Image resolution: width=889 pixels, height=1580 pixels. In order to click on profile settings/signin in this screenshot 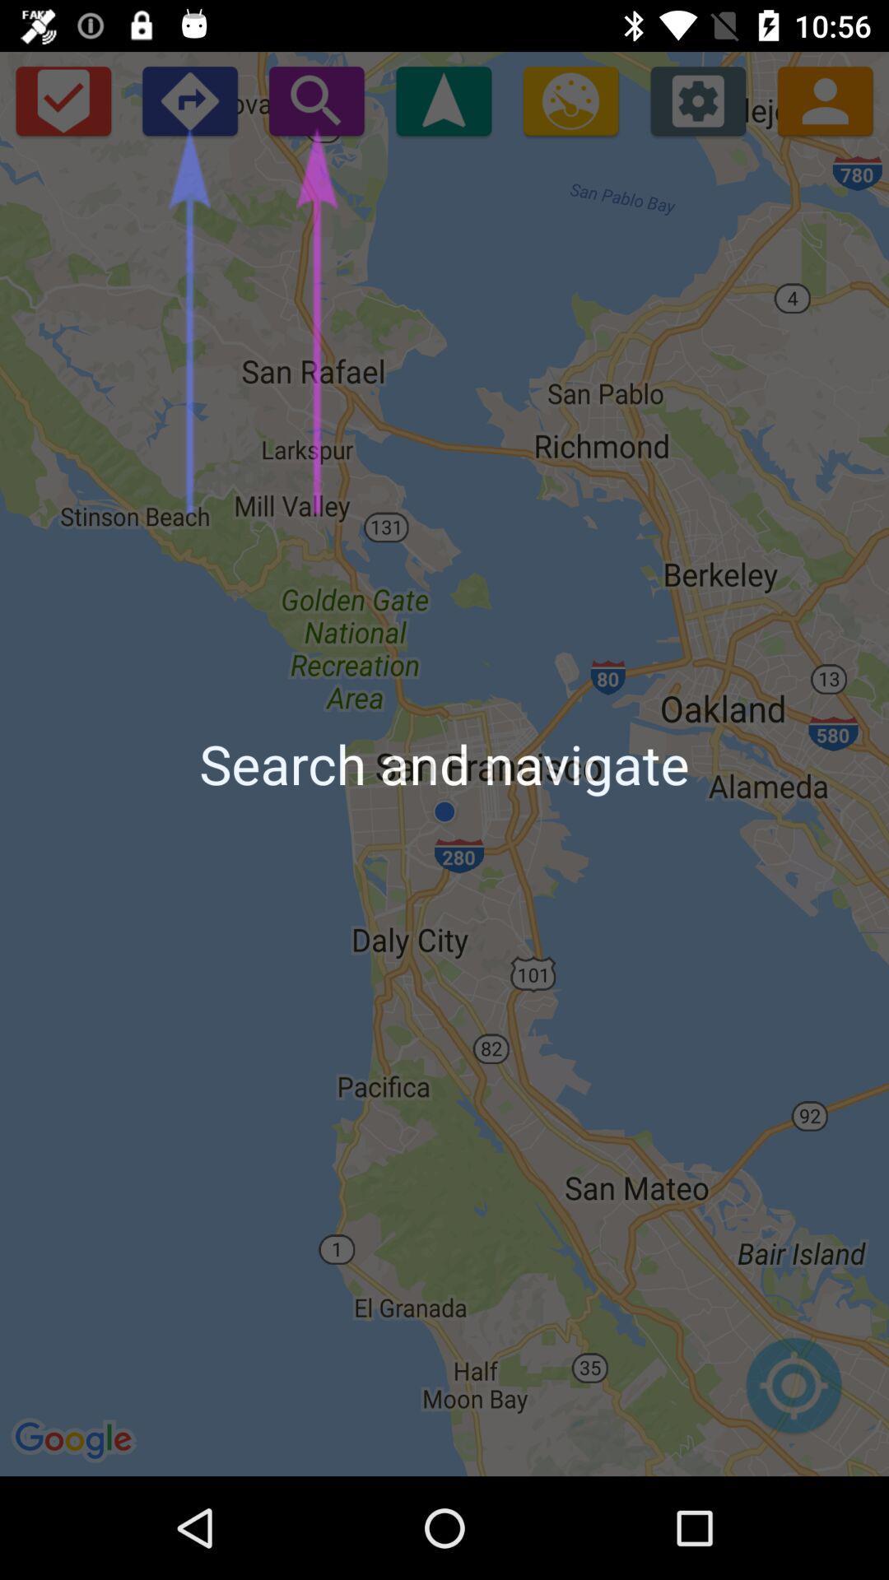, I will do `click(825, 100)`.